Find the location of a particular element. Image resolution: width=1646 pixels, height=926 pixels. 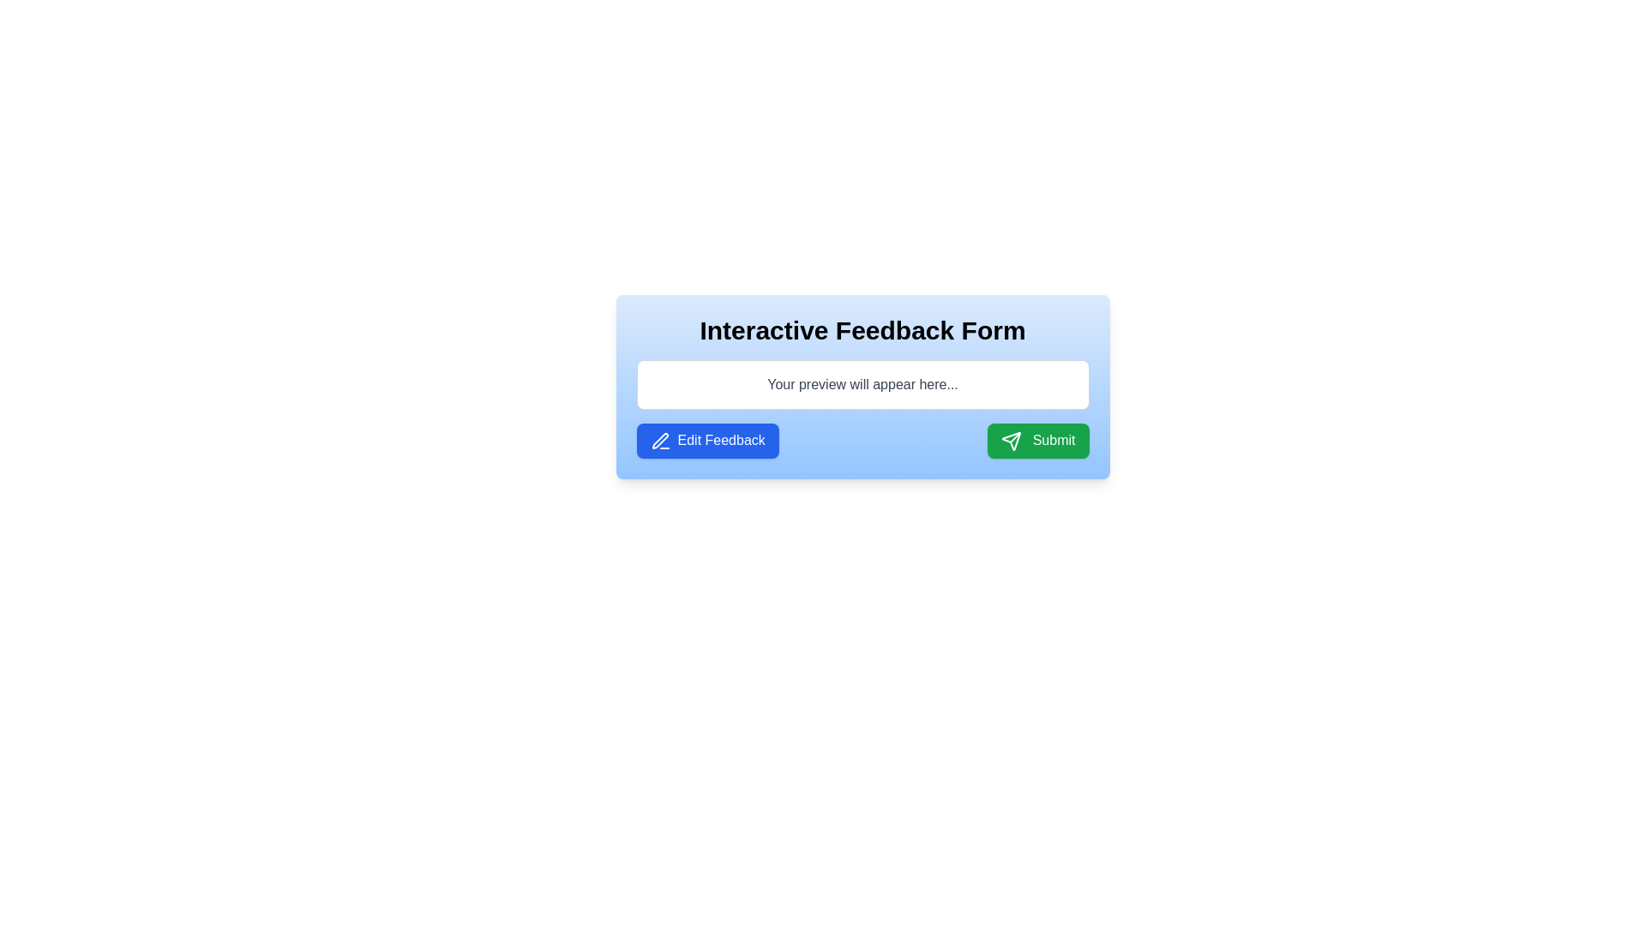

the green 'Submit' button with a white send icon on the left is located at coordinates (1037, 440).